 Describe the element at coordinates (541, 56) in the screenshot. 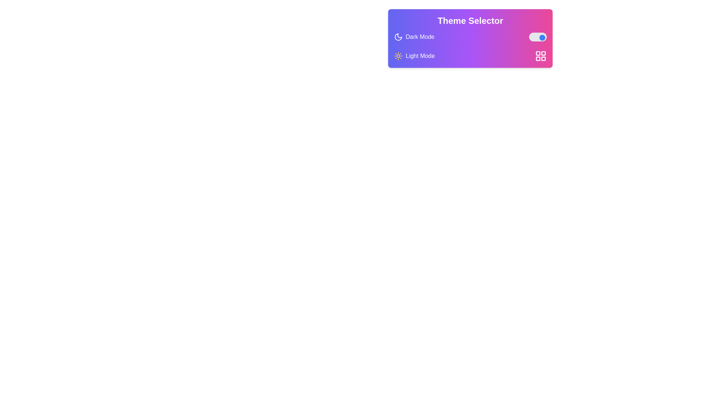

I see `the grid icon, which is a prominent 2x2 grid of rounded white squares located in the bottom-right of the theme selector region` at that location.